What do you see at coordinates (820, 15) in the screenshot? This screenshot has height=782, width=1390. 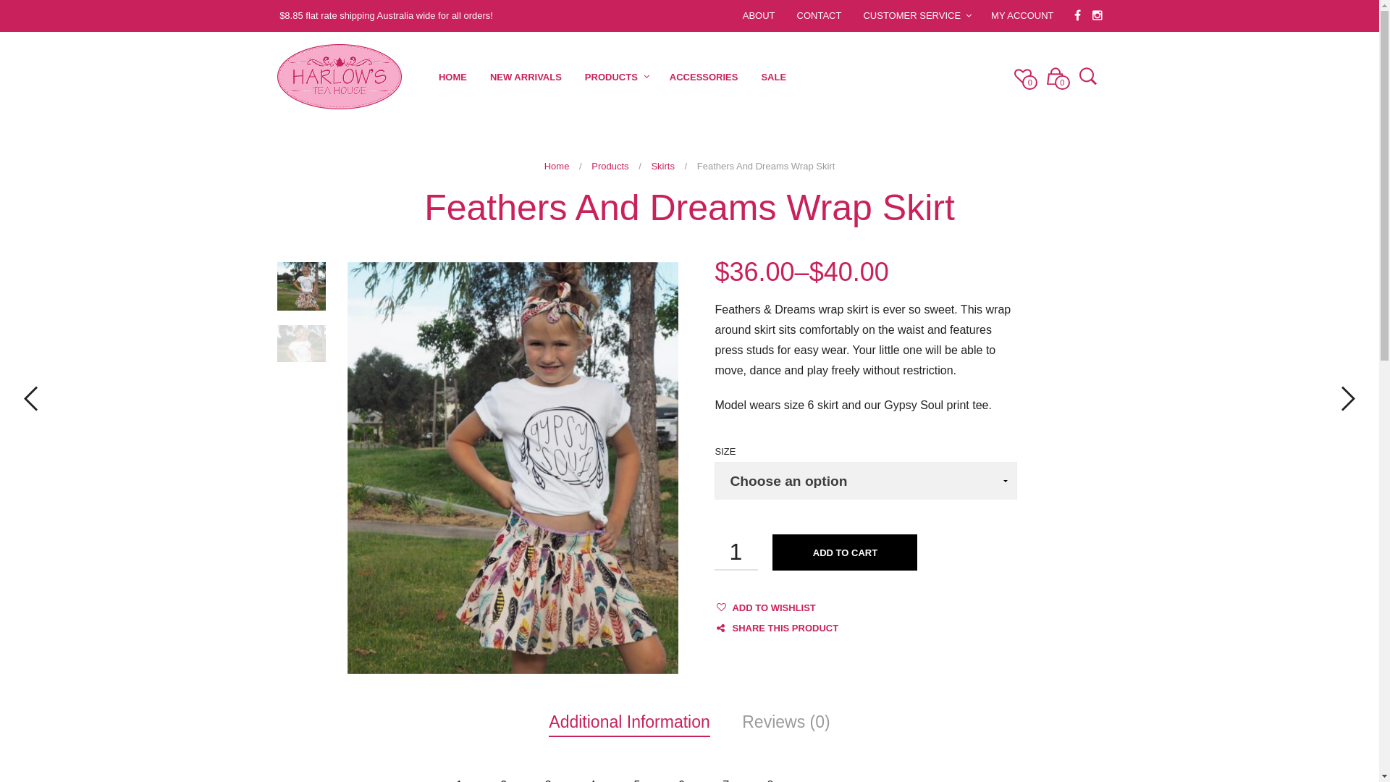 I see `'CONTACT'` at bounding box center [820, 15].